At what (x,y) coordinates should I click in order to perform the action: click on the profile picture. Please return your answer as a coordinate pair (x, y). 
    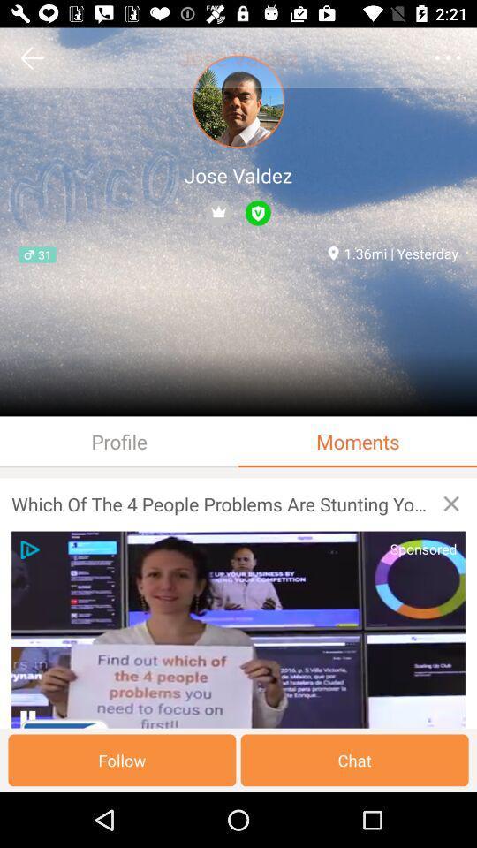
    Looking at the image, I should click on (238, 102).